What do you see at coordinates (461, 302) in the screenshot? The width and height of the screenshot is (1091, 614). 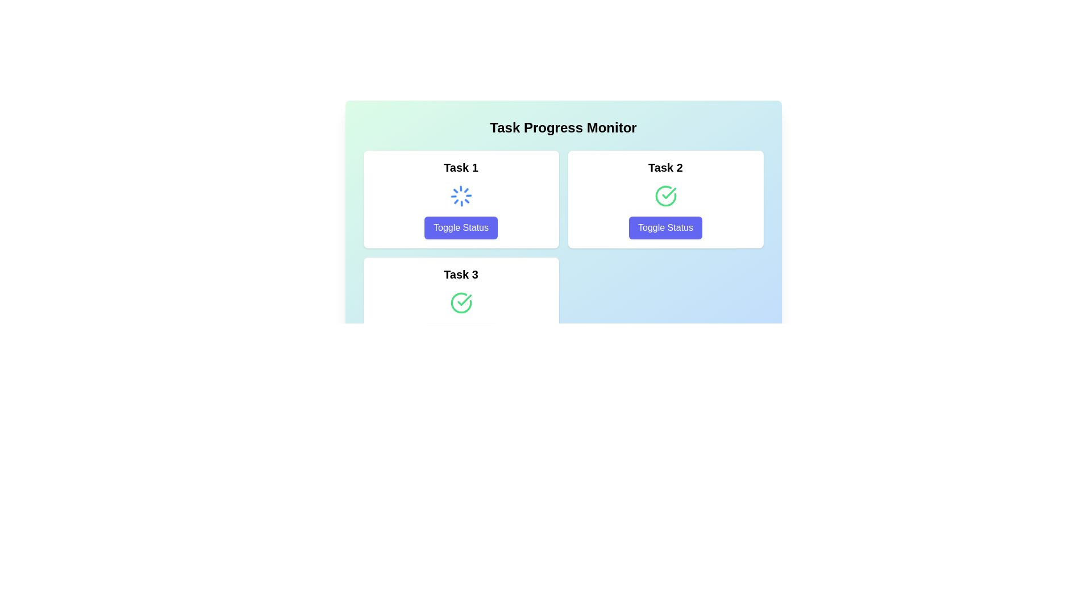 I see `the appearance of the green circular icon with a white checkmark in its center located within the 'Task 3' card, above the 'Toggle Status' button` at bounding box center [461, 302].